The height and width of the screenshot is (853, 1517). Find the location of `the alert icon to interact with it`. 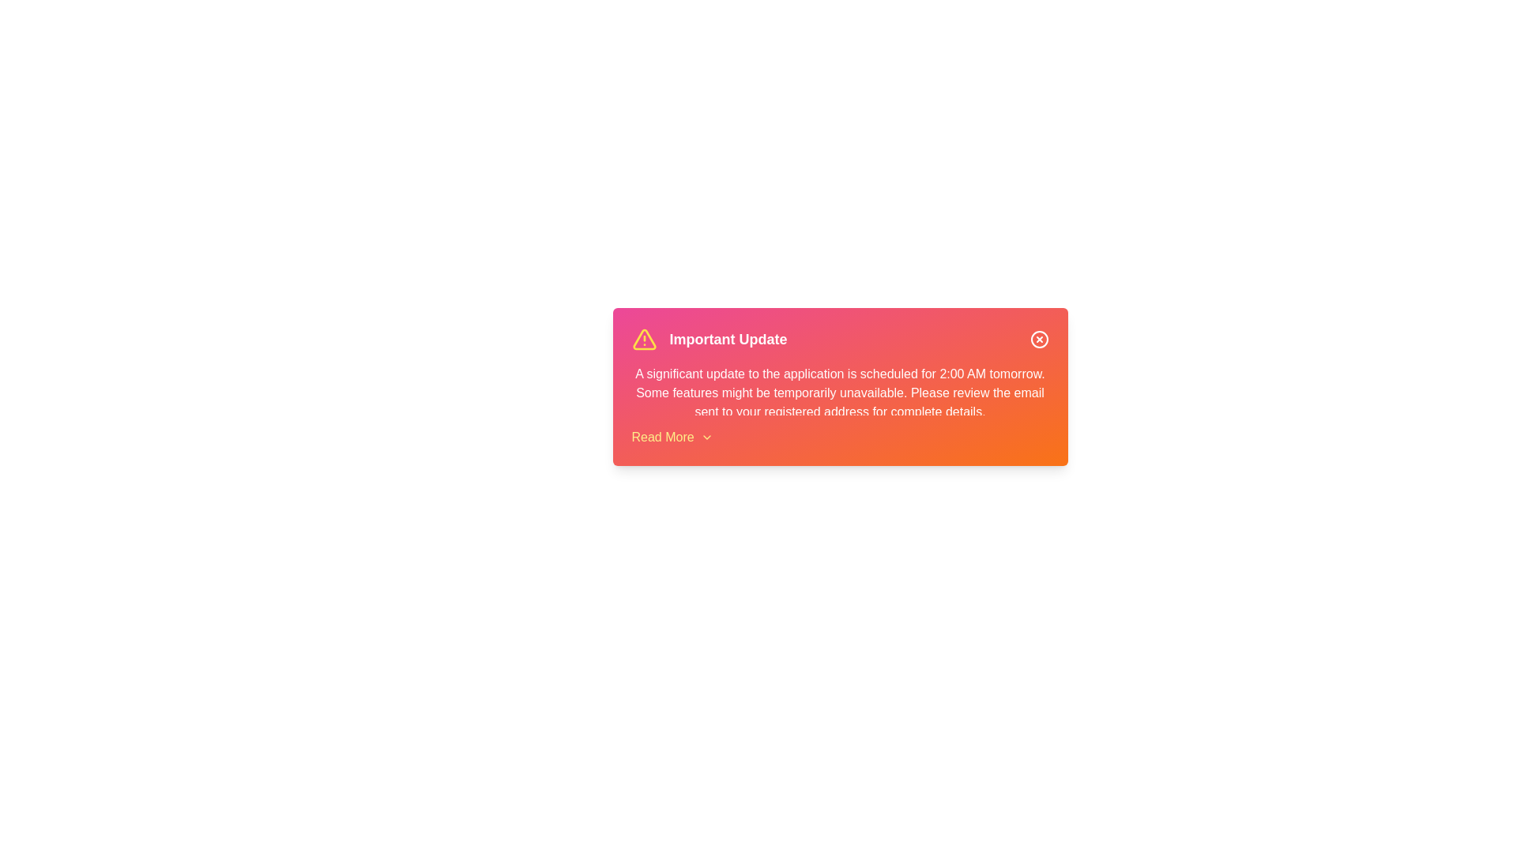

the alert icon to interact with it is located at coordinates (644, 338).